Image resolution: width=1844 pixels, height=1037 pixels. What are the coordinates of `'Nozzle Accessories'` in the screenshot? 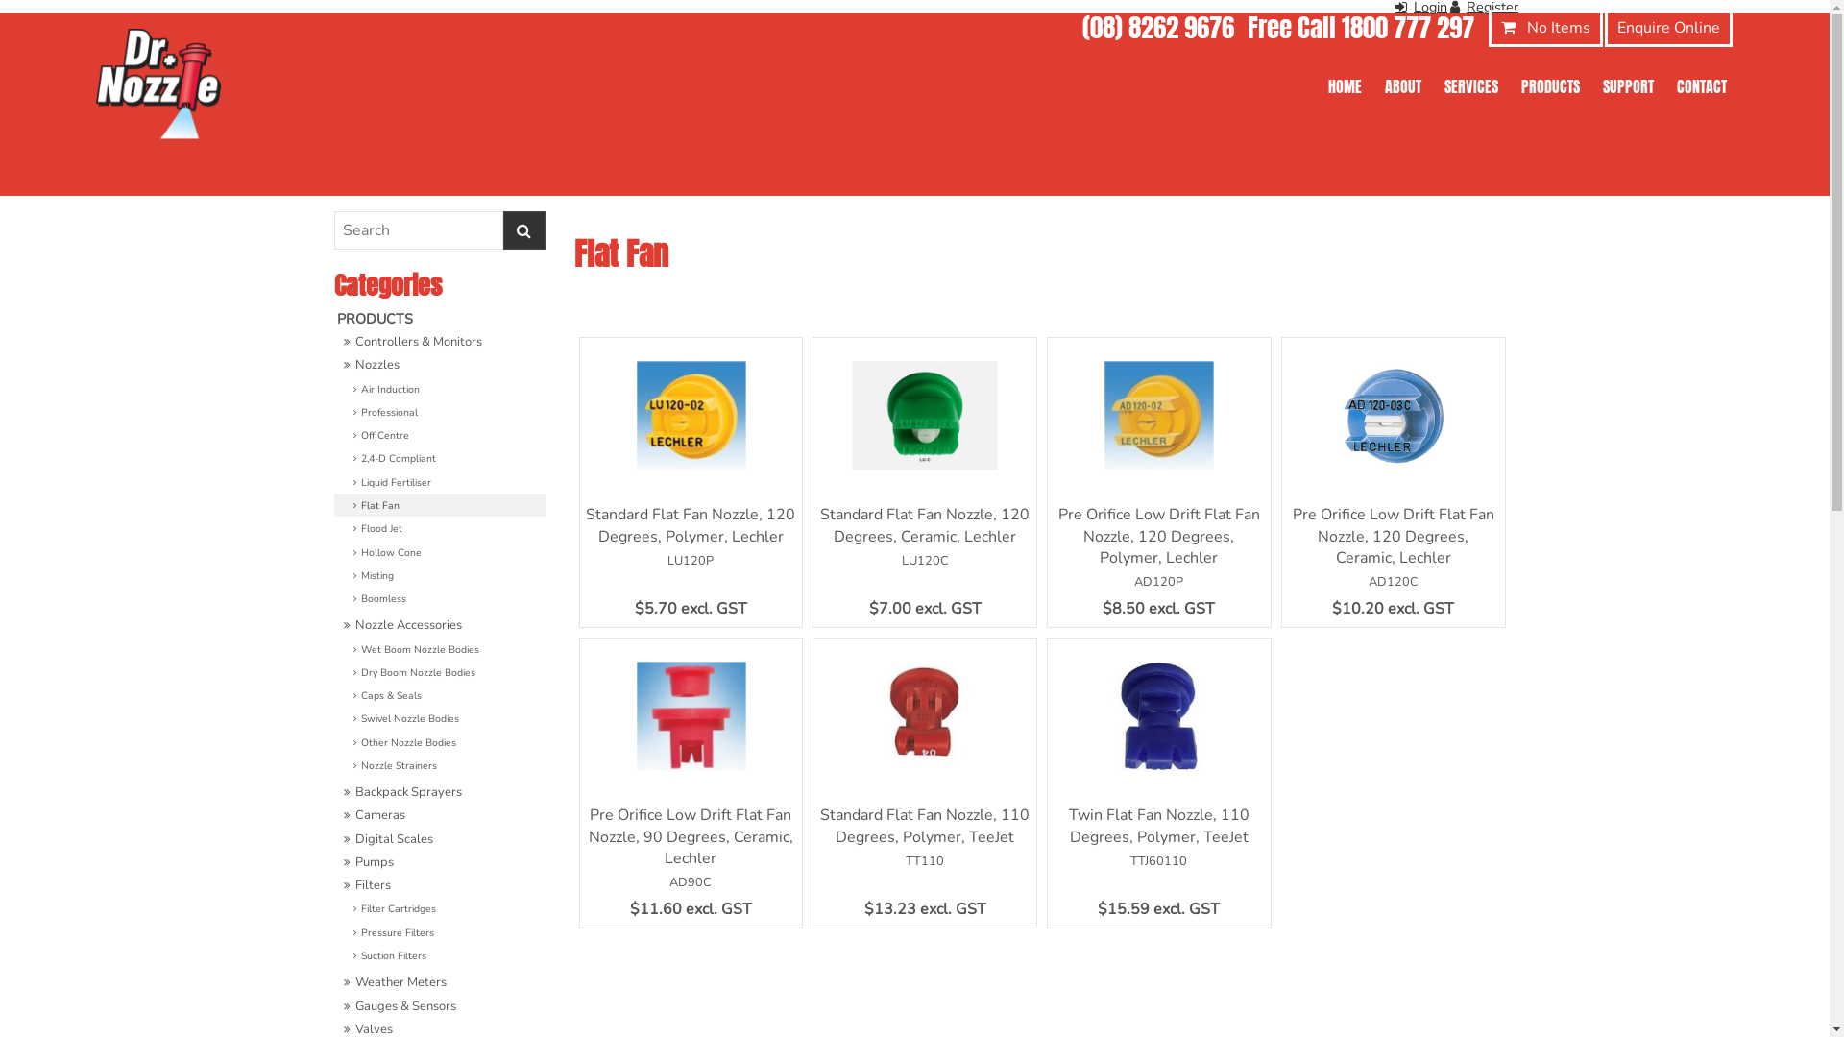 It's located at (438, 625).